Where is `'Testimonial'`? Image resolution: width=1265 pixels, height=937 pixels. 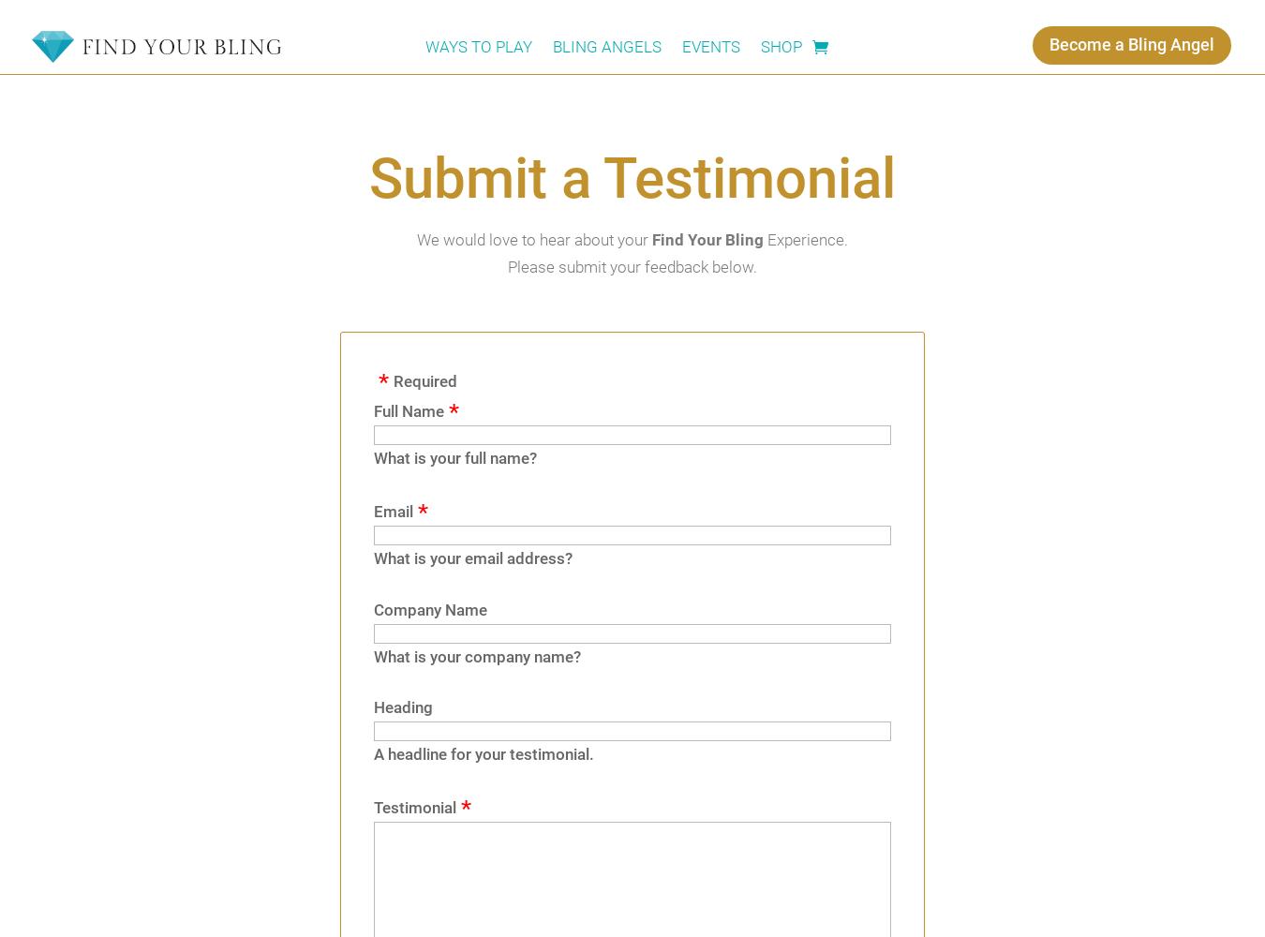
'Testimonial' is located at coordinates (413, 807).